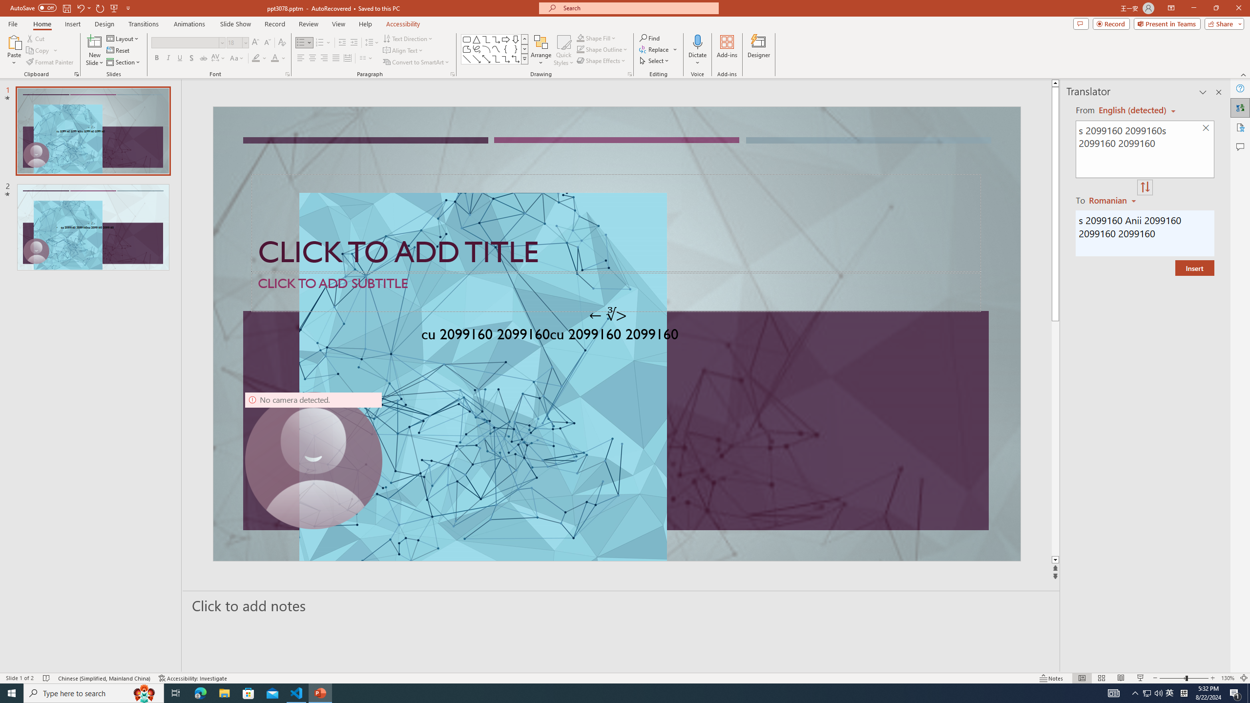 Image resolution: width=1250 pixels, height=703 pixels. What do you see at coordinates (615, 336) in the screenshot?
I see `'TextBox 61'` at bounding box center [615, 336].